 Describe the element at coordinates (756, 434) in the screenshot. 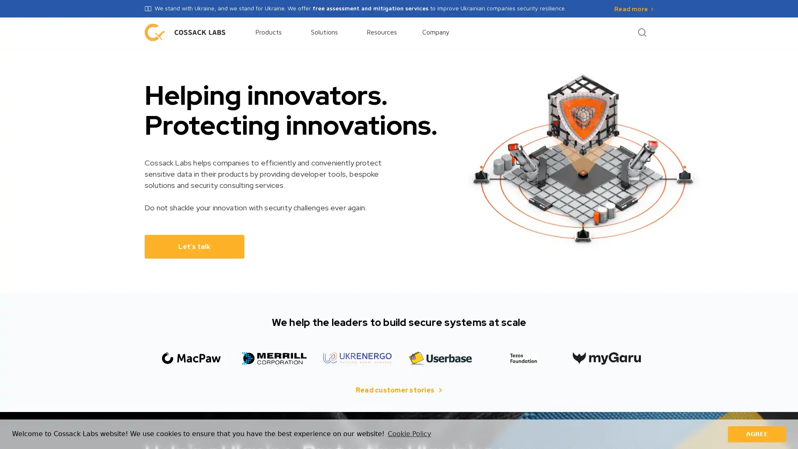

I see `dismiss cookie message` at that location.